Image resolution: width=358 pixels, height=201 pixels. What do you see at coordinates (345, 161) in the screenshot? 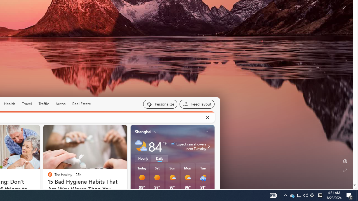
I see `'Edit Background'` at bounding box center [345, 161].